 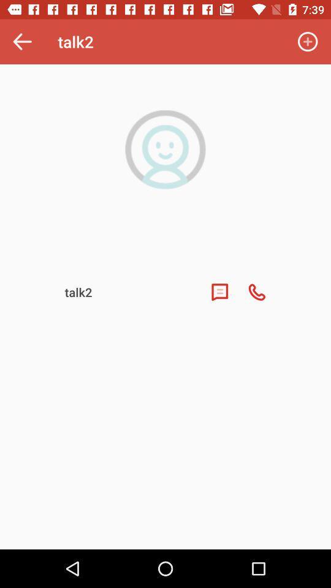 I want to click on the call icon, so click(x=256, y=292).